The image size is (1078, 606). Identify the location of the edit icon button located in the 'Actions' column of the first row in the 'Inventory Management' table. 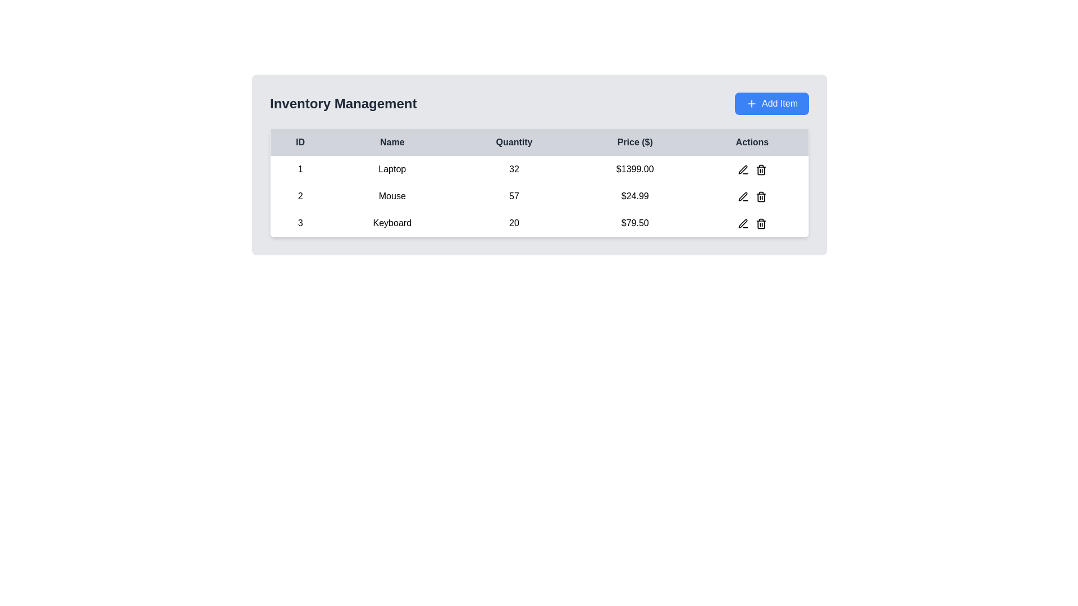
(743, 169).